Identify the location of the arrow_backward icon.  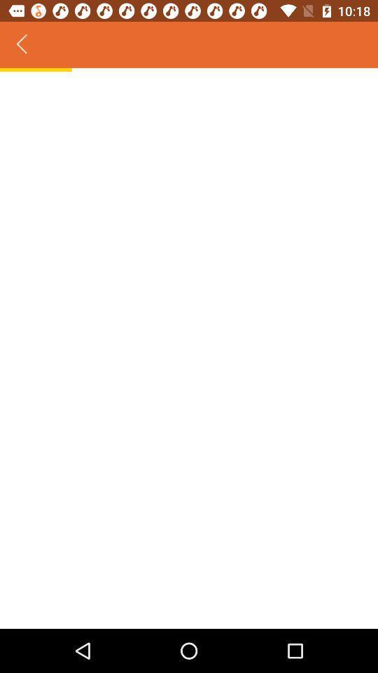
(22, 48).